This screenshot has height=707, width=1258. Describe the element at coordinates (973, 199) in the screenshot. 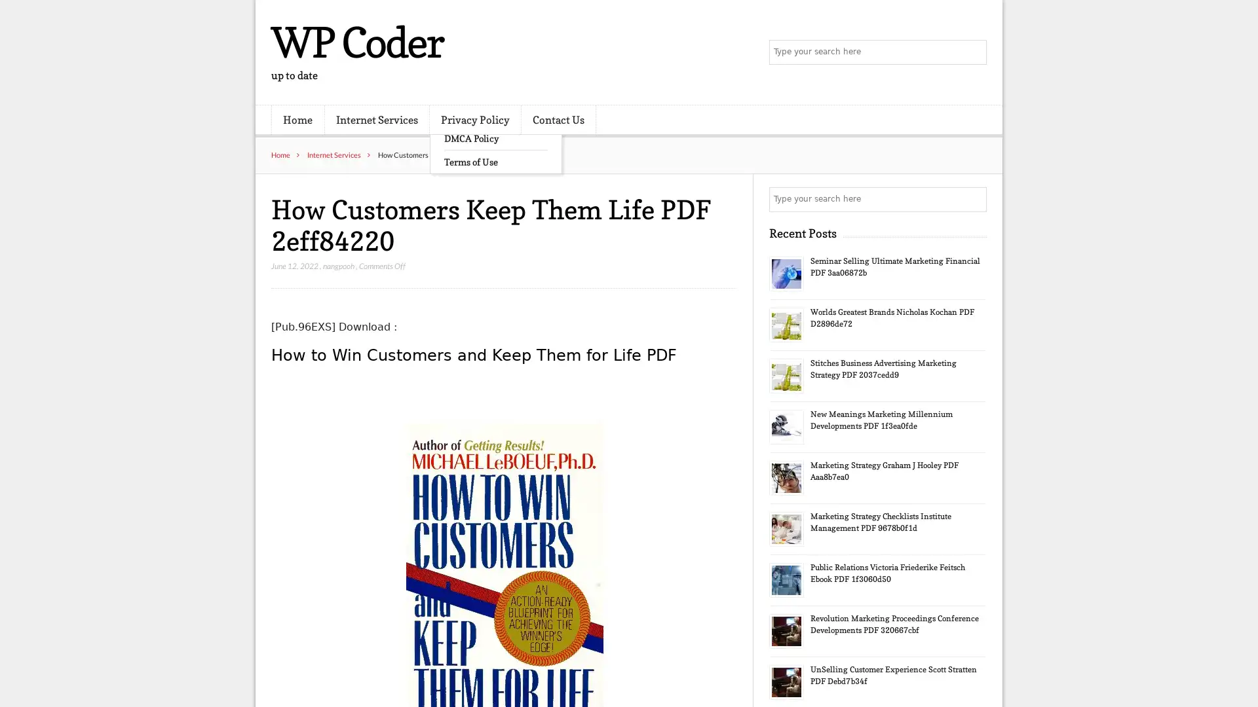

I see `Search` at that location.